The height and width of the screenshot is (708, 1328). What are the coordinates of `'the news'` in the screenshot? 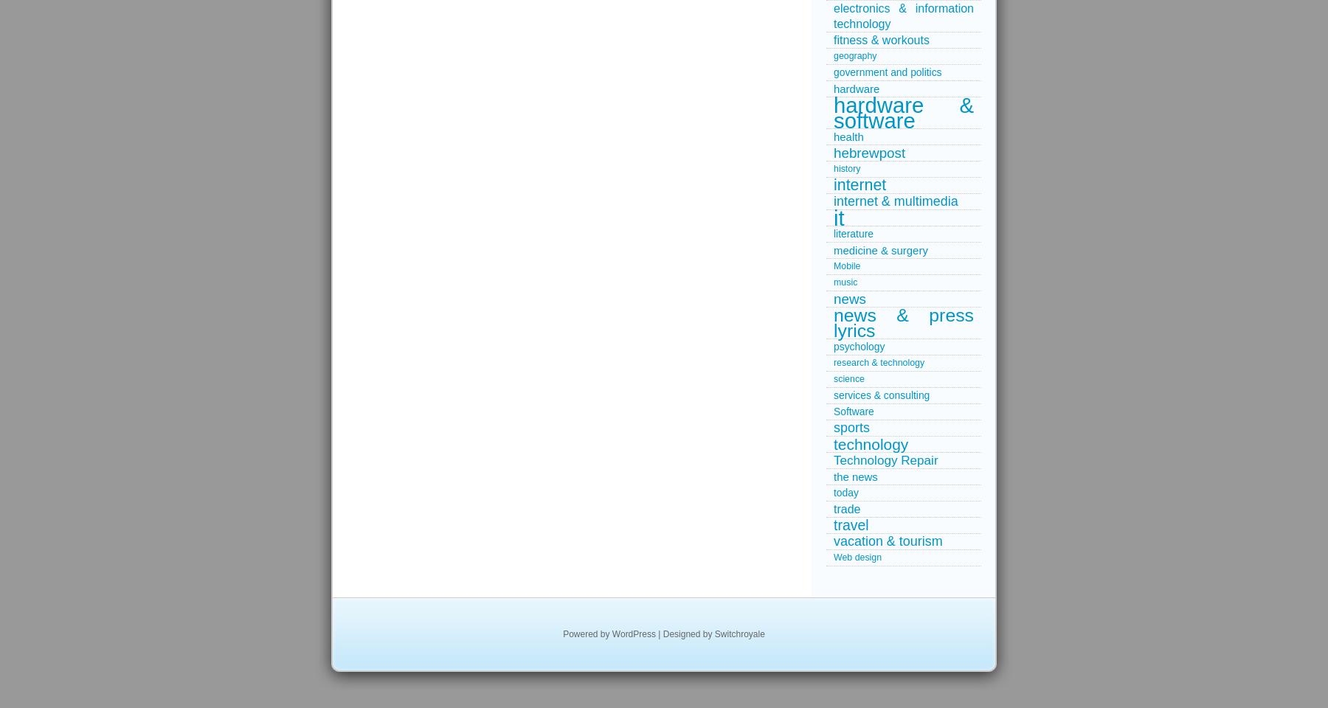 It's located at (854, 476).